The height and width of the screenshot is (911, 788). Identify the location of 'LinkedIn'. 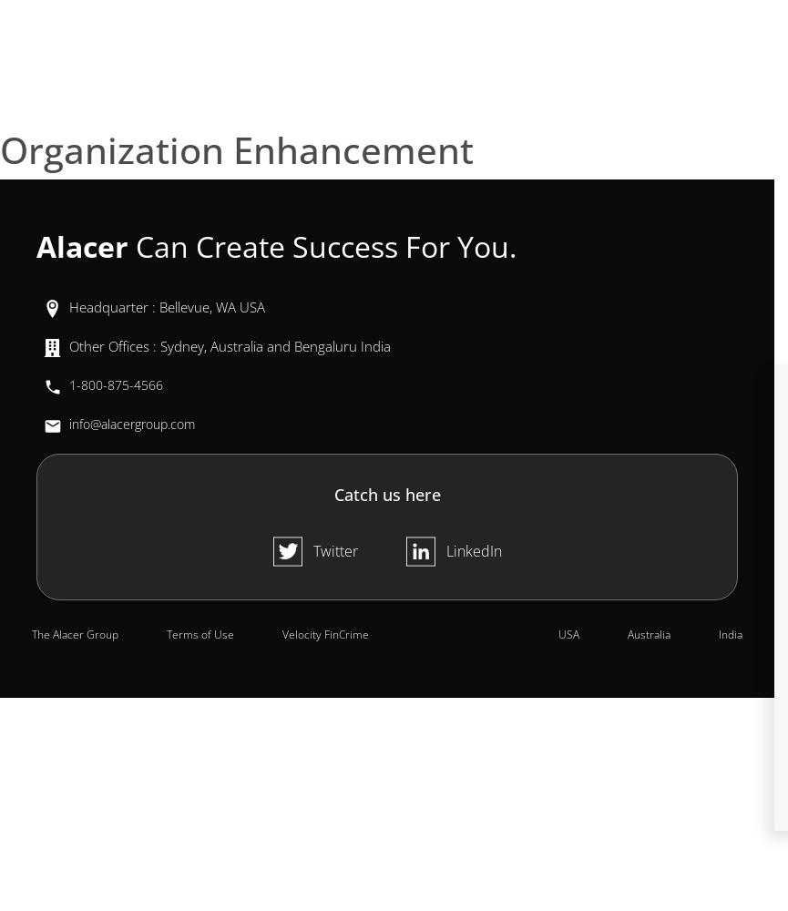
(472, 550).